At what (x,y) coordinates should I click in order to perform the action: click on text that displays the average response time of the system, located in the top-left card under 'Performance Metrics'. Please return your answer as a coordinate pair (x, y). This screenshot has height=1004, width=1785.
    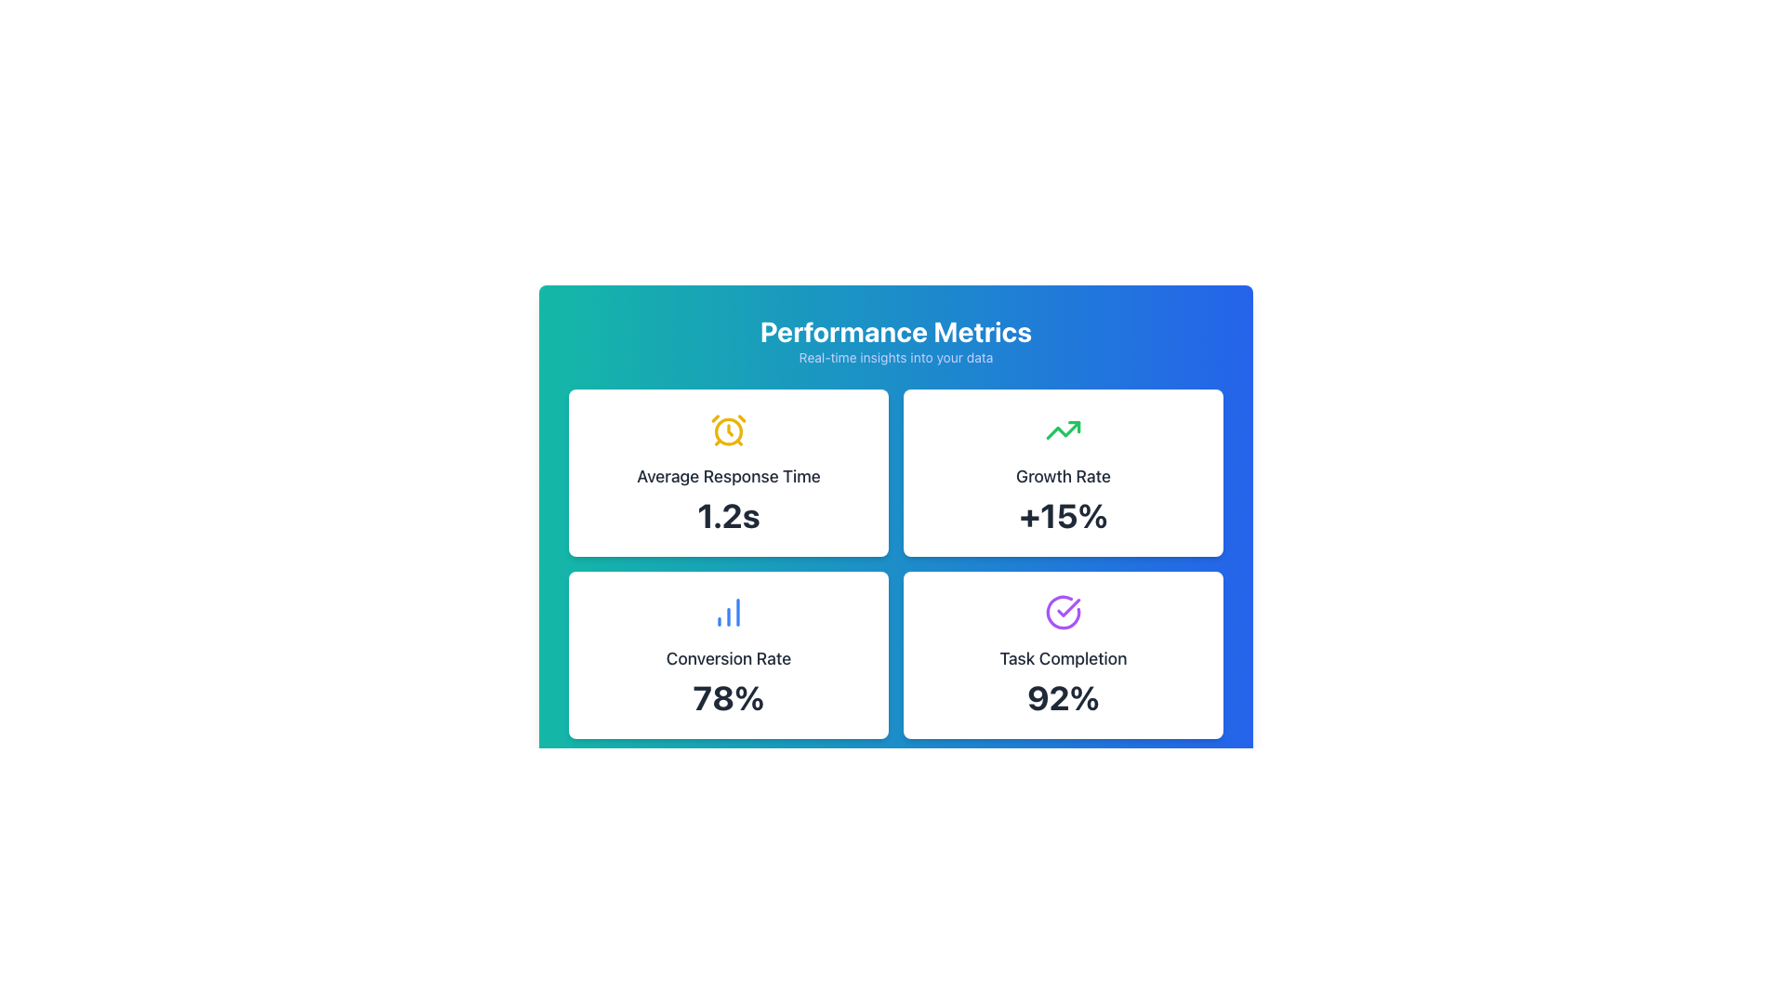
    Looking at the image, I should click on (727, 516).